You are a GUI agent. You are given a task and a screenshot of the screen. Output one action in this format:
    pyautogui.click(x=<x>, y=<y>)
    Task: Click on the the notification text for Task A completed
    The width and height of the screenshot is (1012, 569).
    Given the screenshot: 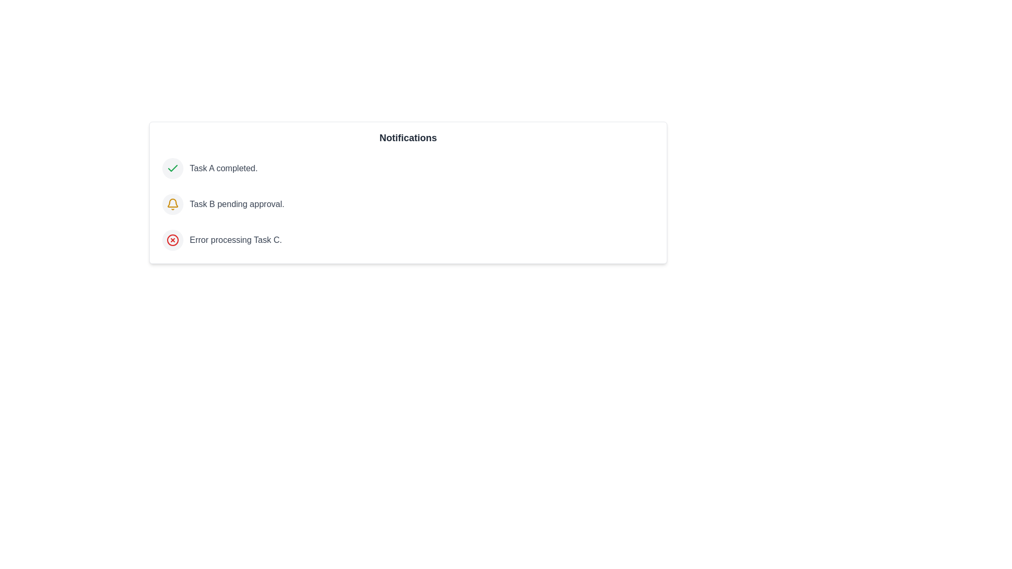 What is the action you would take?
    pyautogui.click(x=222, y=168)
    